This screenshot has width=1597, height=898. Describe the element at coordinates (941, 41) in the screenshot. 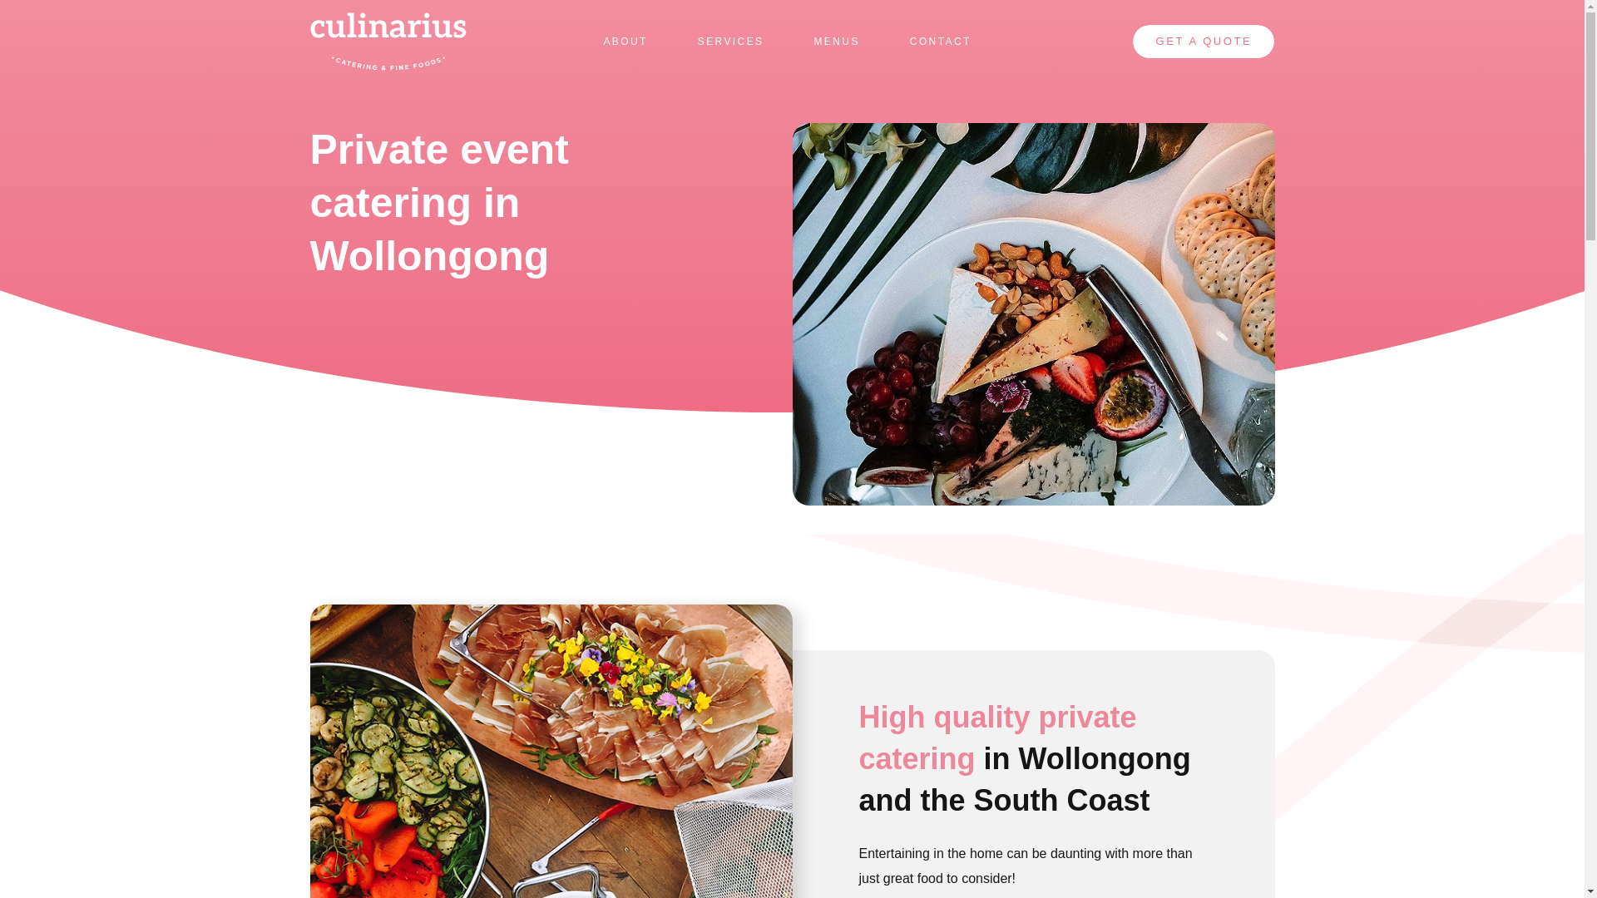

I see `'CONTACT'` at that location.